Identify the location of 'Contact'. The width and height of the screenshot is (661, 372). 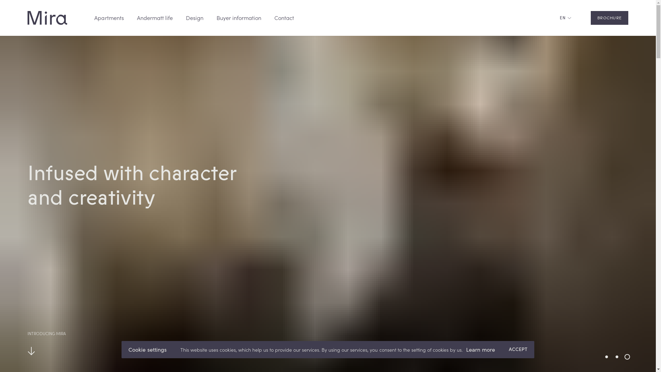
(284, 17).